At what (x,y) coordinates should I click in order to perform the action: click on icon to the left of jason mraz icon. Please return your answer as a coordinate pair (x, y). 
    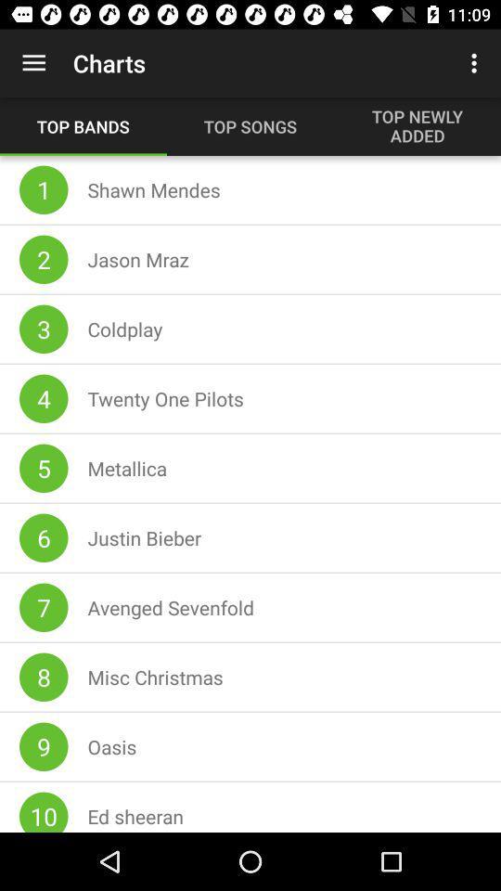
    Looking at the image, I should click on (44, 258).